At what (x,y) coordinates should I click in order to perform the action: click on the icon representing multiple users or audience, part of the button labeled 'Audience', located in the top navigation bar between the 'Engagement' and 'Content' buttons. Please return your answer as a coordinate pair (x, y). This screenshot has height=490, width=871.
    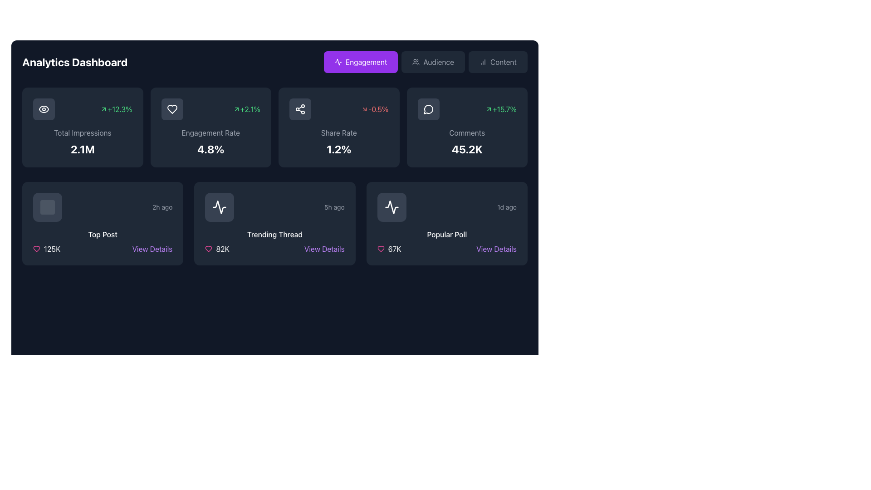
    Looking at the image, I should click on (416, 62).